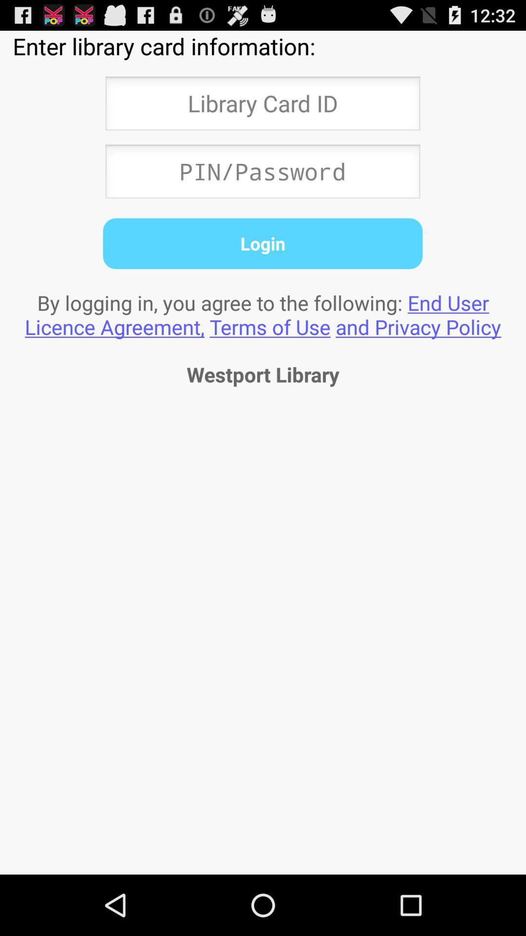 Image resolution: width=526 pixels, height=936 pixels. Describe the element at coordinates (262, 106) in the screenshot. I see `your library card id` at that location.